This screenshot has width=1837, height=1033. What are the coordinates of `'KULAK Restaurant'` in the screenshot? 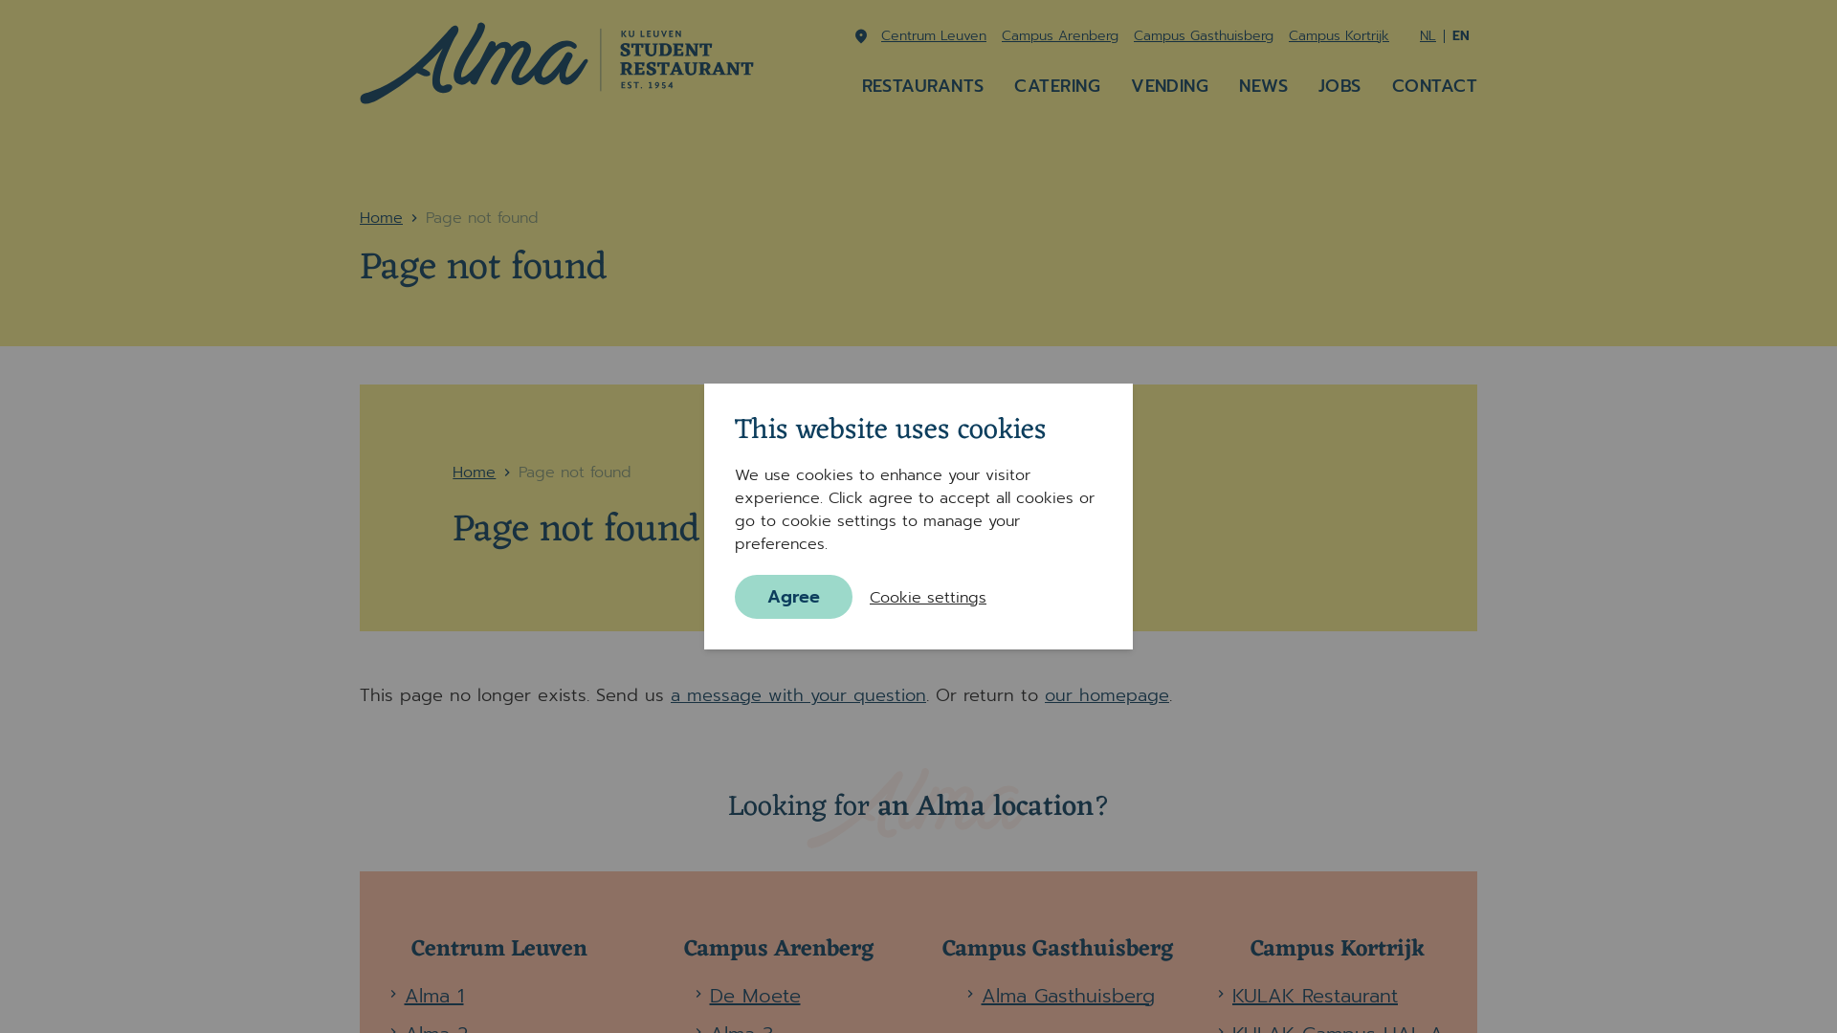 It's located at (1314, 995).